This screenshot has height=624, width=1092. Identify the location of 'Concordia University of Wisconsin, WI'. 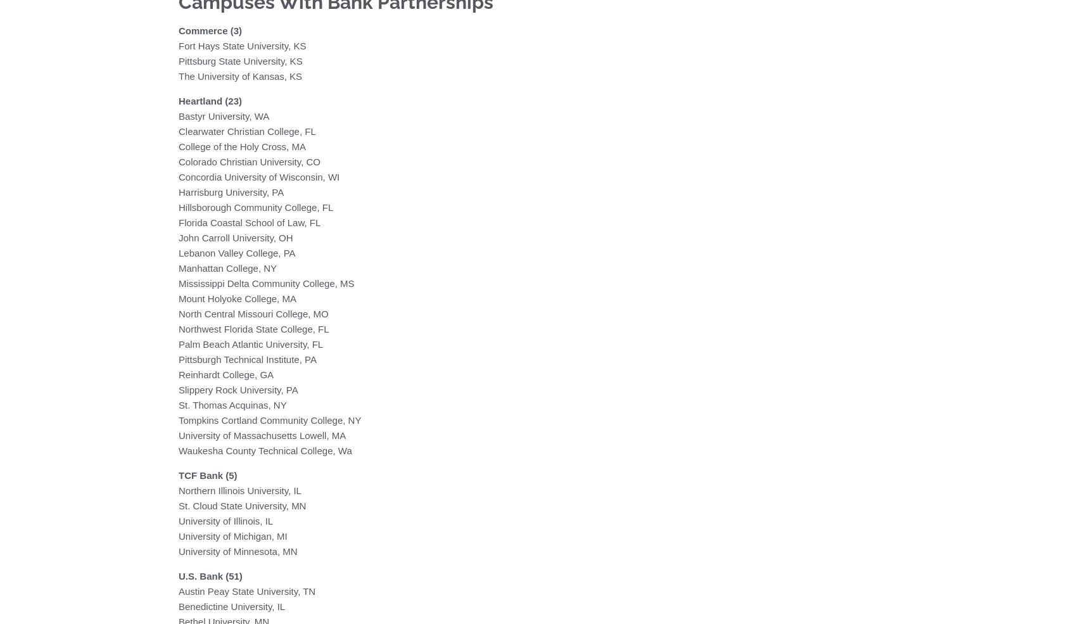
(258, 175).